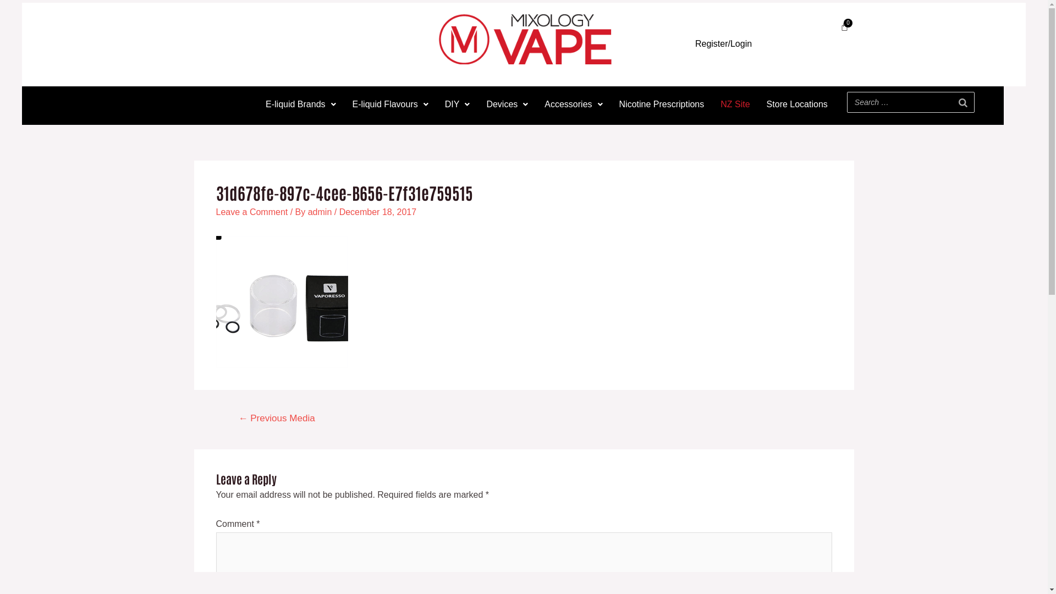  Describe the element at coordinates (343, 104) in the screenshot. I see `'E-liquid Flavours'` at that location.